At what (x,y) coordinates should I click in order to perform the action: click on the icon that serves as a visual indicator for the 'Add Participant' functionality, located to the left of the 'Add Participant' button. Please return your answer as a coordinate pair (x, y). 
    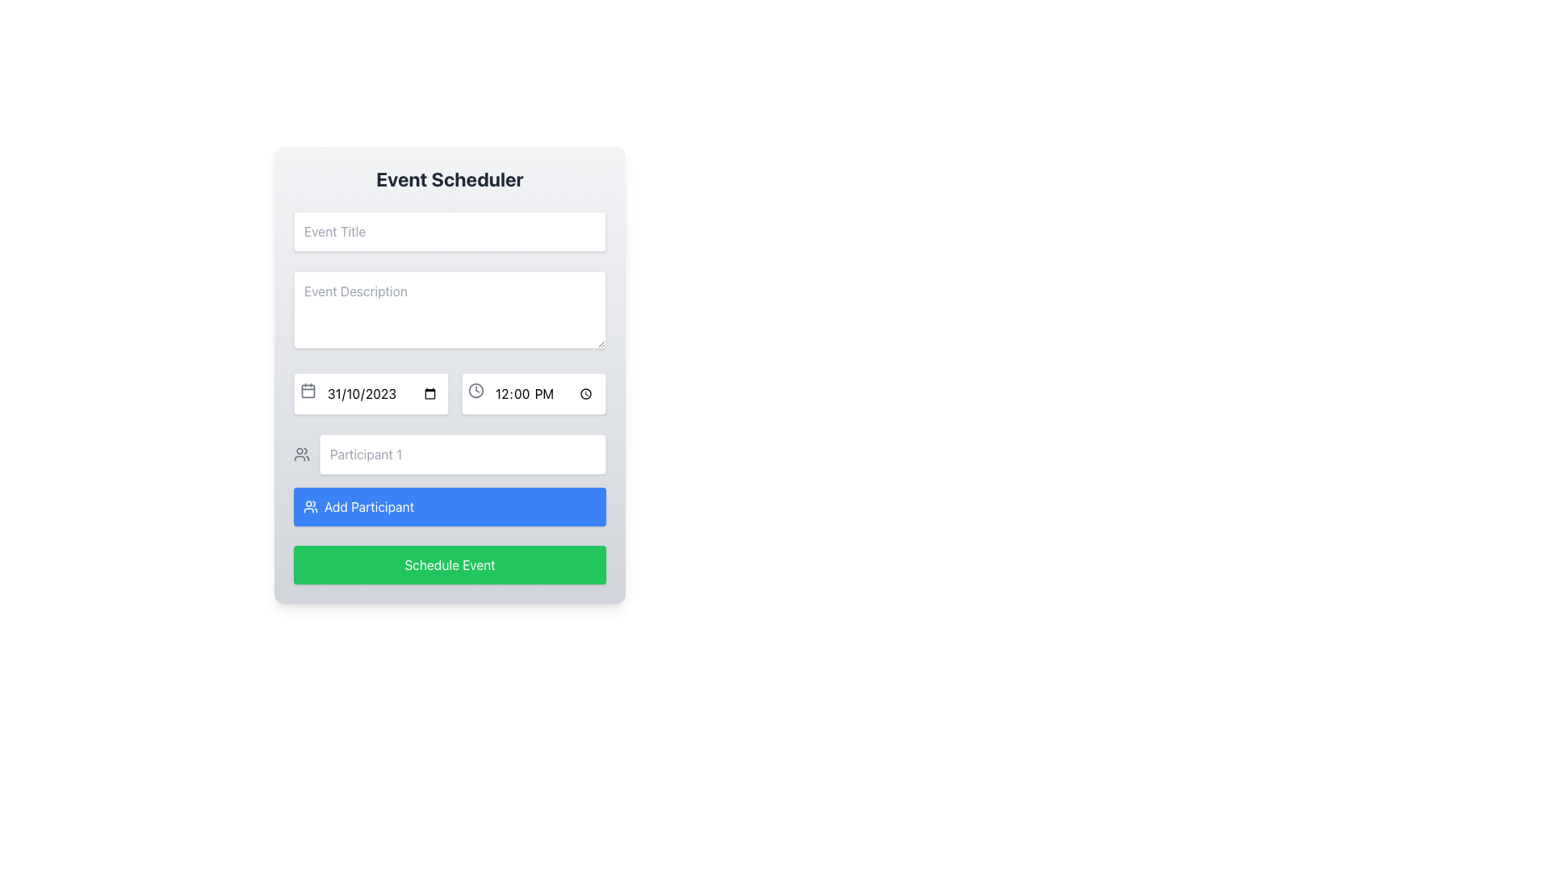
    Looking at the image, I should click on (302, 455).